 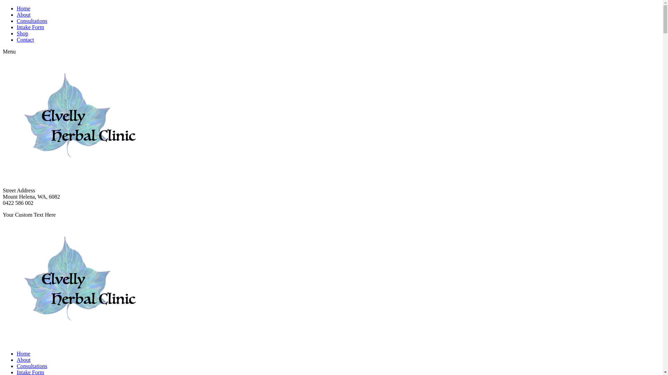 What do you see at coordinates (30, 27) in the screenshot?
I see `'Intake Form'` at bounding box center [30, 27].